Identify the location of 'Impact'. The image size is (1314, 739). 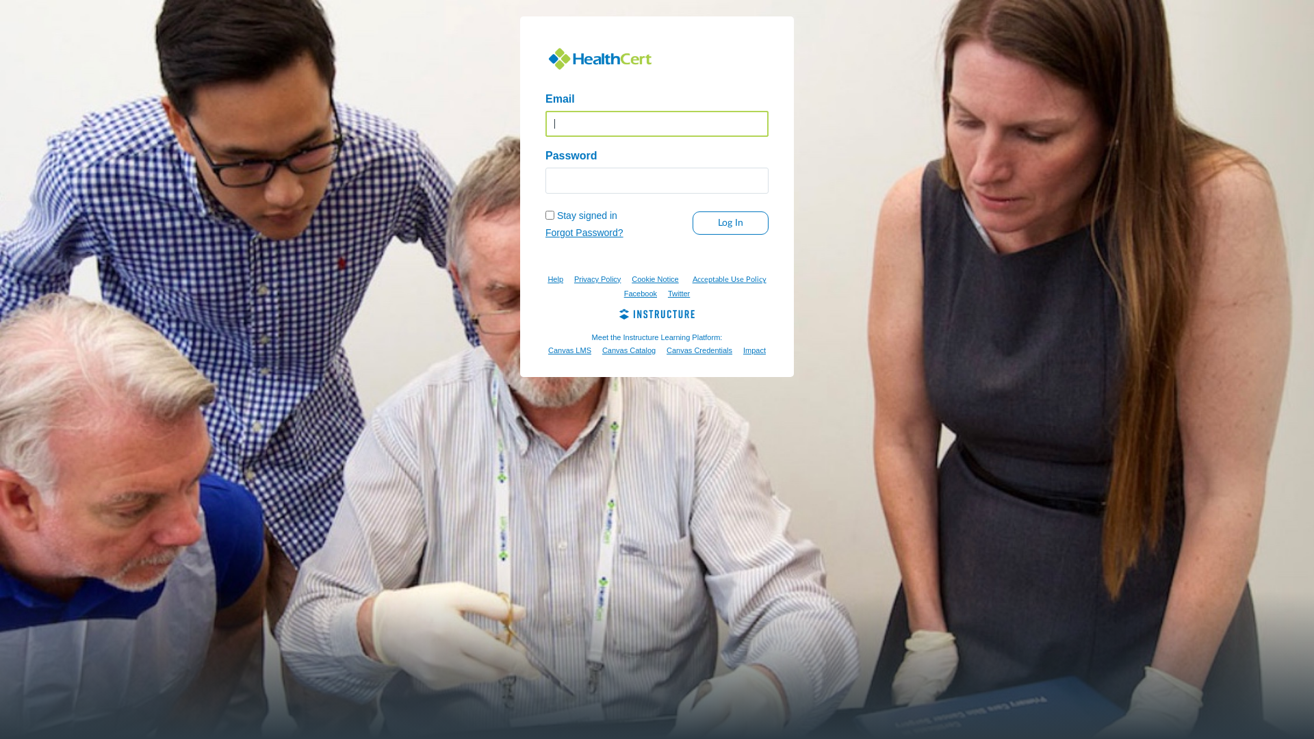
(753, 350).